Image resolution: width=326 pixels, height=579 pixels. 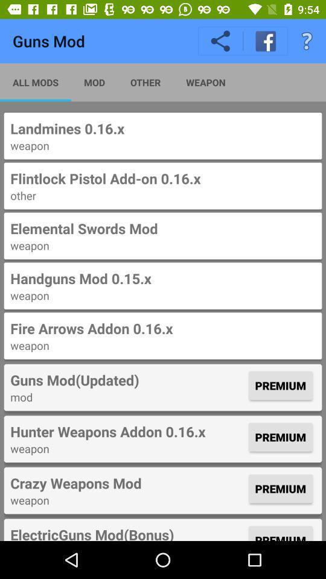 What do you see at coordinates (127, 532) in the screenshot?
I see `the electricguns mod(bonus) icon` at bounding box center [127, 532].